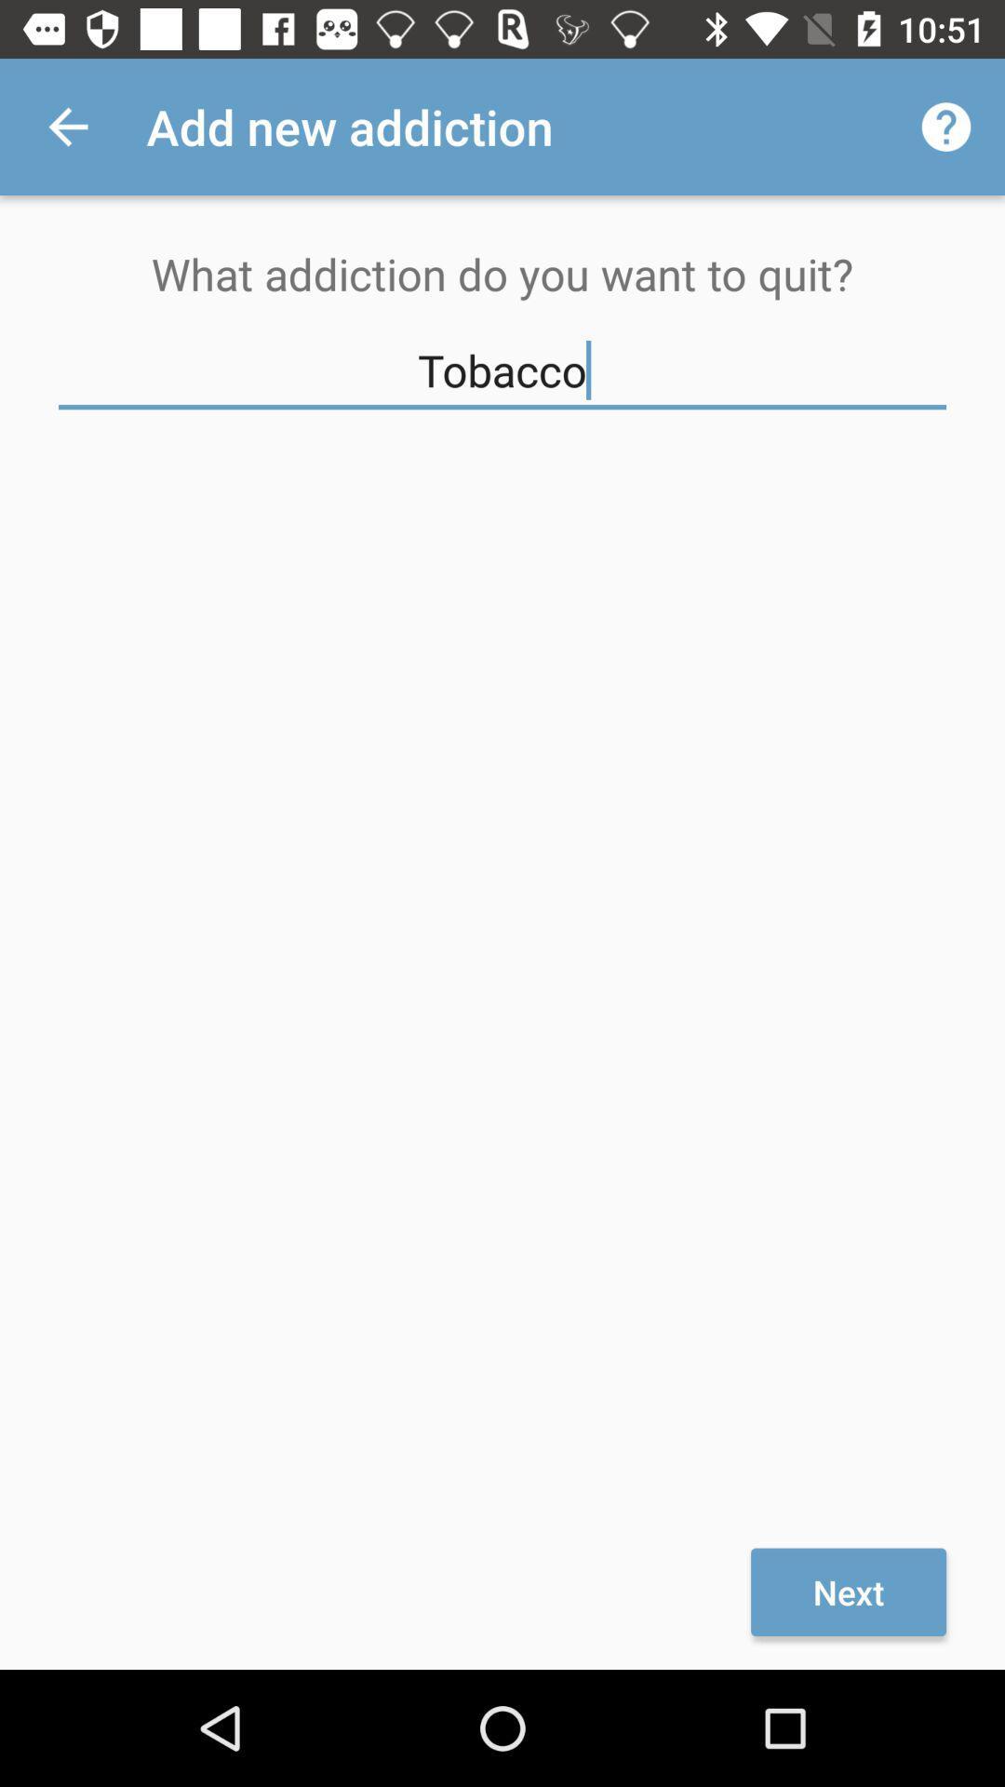 The height and width of the screenshot is (1787, 1005). Describe the element at coordinates (946, 126) in the screenshot. I see `item above what addiction do icon` at that location.